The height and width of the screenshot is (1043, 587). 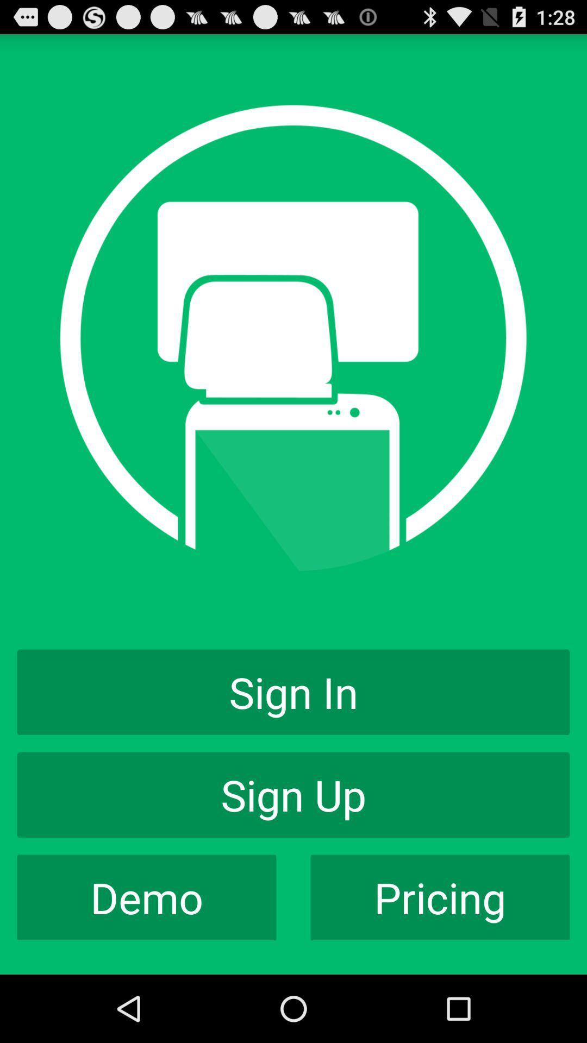 I want to click on the icon at the bottom, so click(x=293, y=795).